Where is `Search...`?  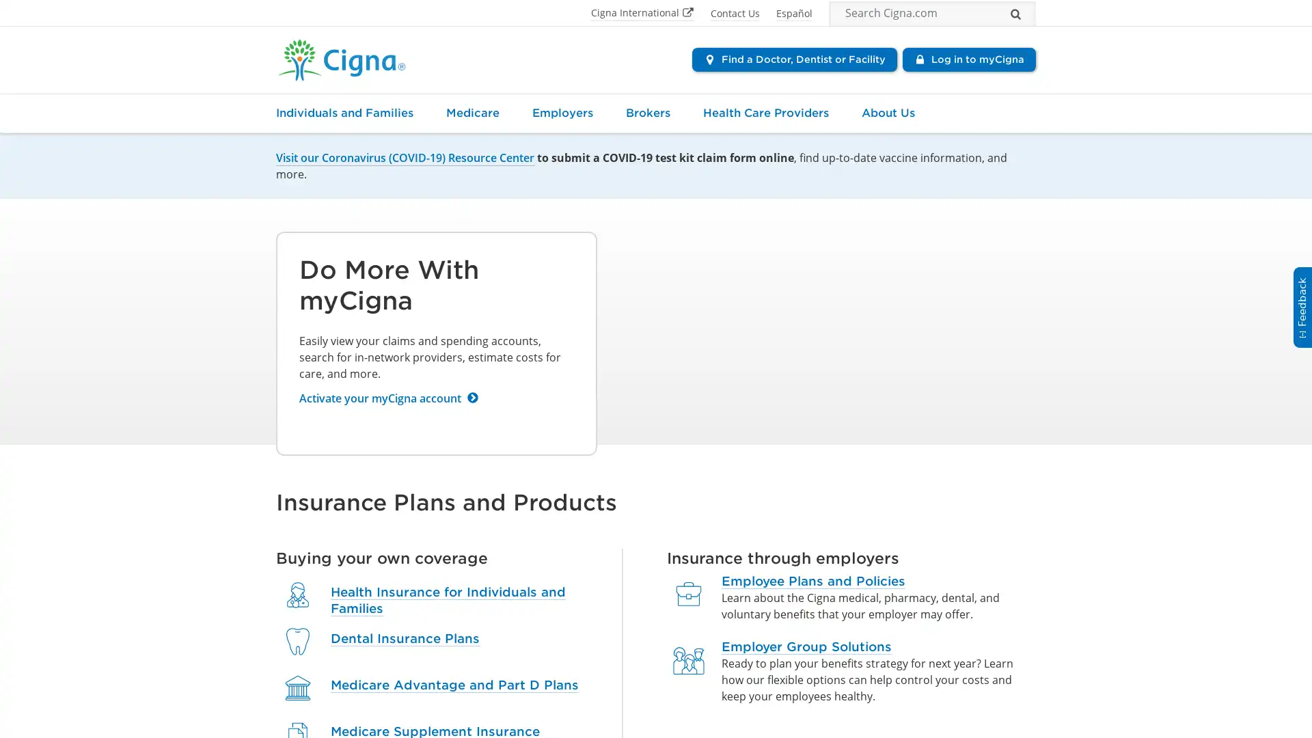
Search... is located at coordinates (1017, 13).